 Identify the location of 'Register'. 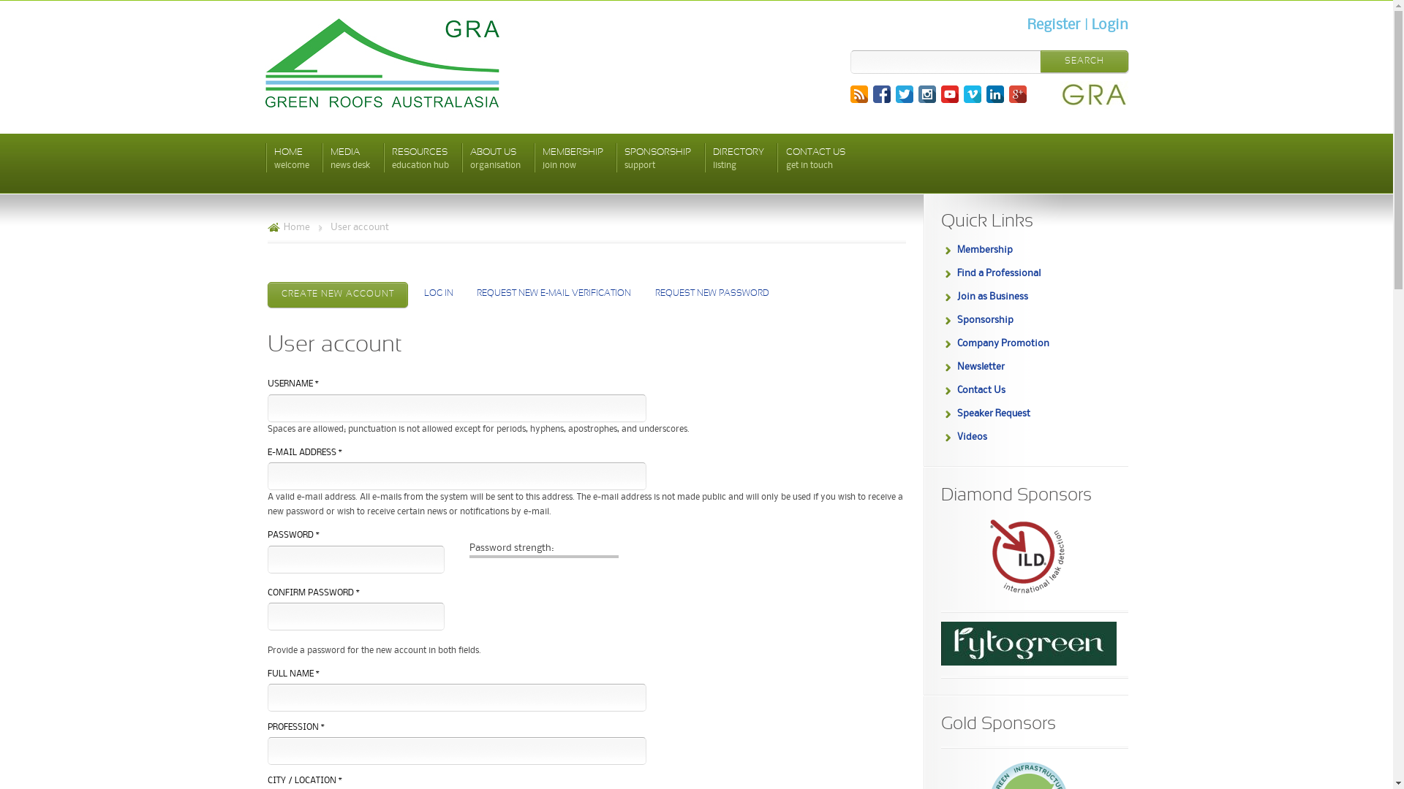
(1053, 25).